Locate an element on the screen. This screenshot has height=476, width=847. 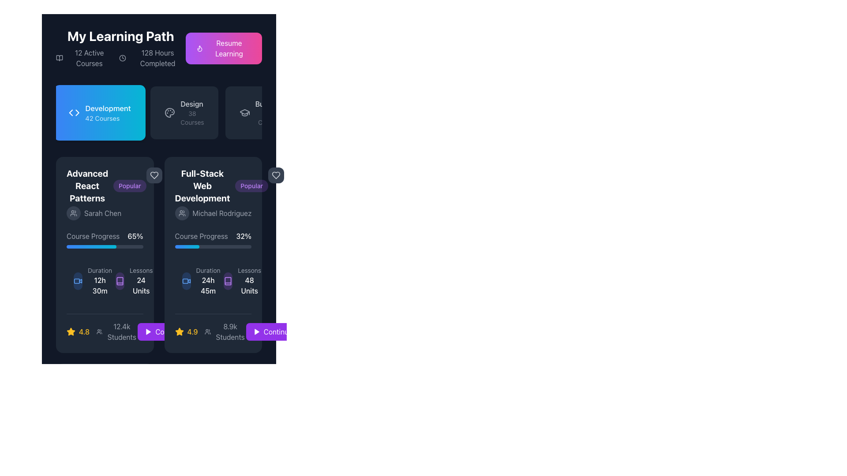
the text label that indicates the number of courses available under the 'Development' category, which is positioned directly below the 'Development' header in the blue card is located at coordinates (102, 118).